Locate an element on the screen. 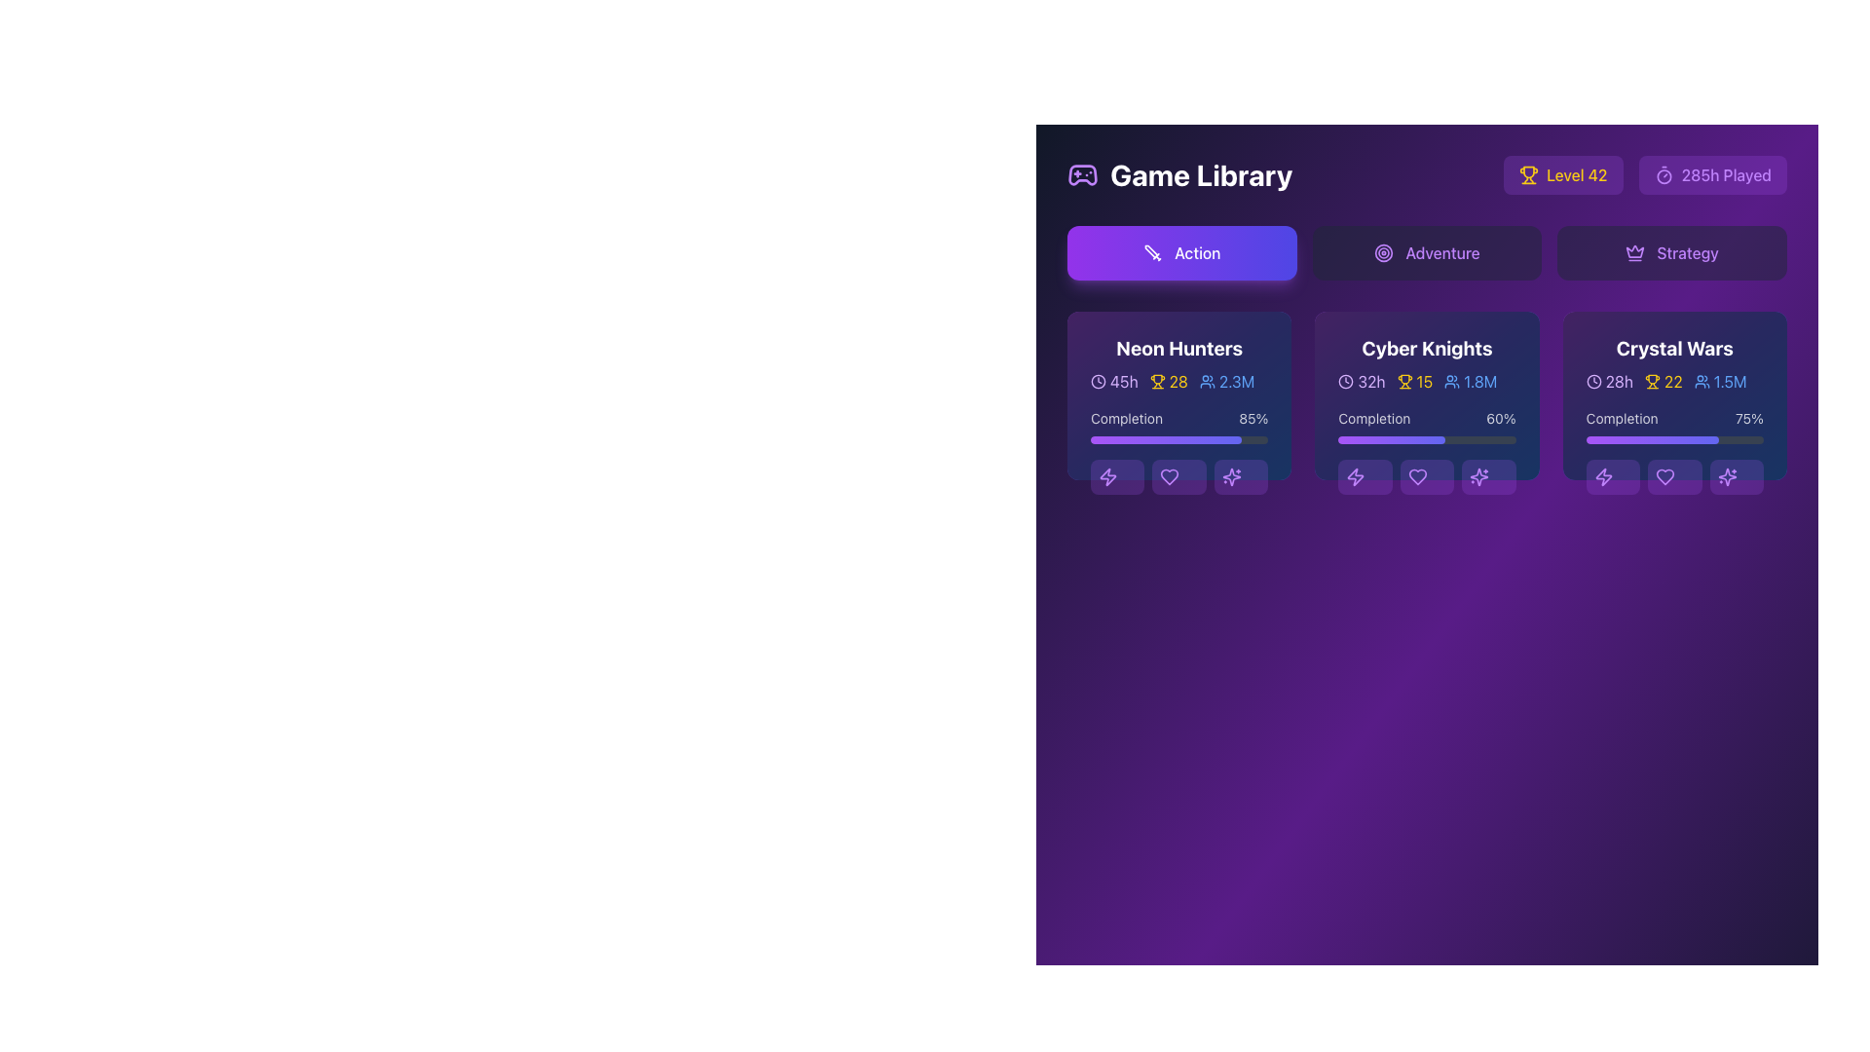  the Statistical Summary Displayer, which consists of three grouped text and icon segments: a clock icon with '45h' in purple, a trophy icon with '28' in yellow, and a user icon with '2.3M' in blue, located below the 'Neon Hunters' title and above the 'Completion' progress bar is located at coordinates (1178, 382).